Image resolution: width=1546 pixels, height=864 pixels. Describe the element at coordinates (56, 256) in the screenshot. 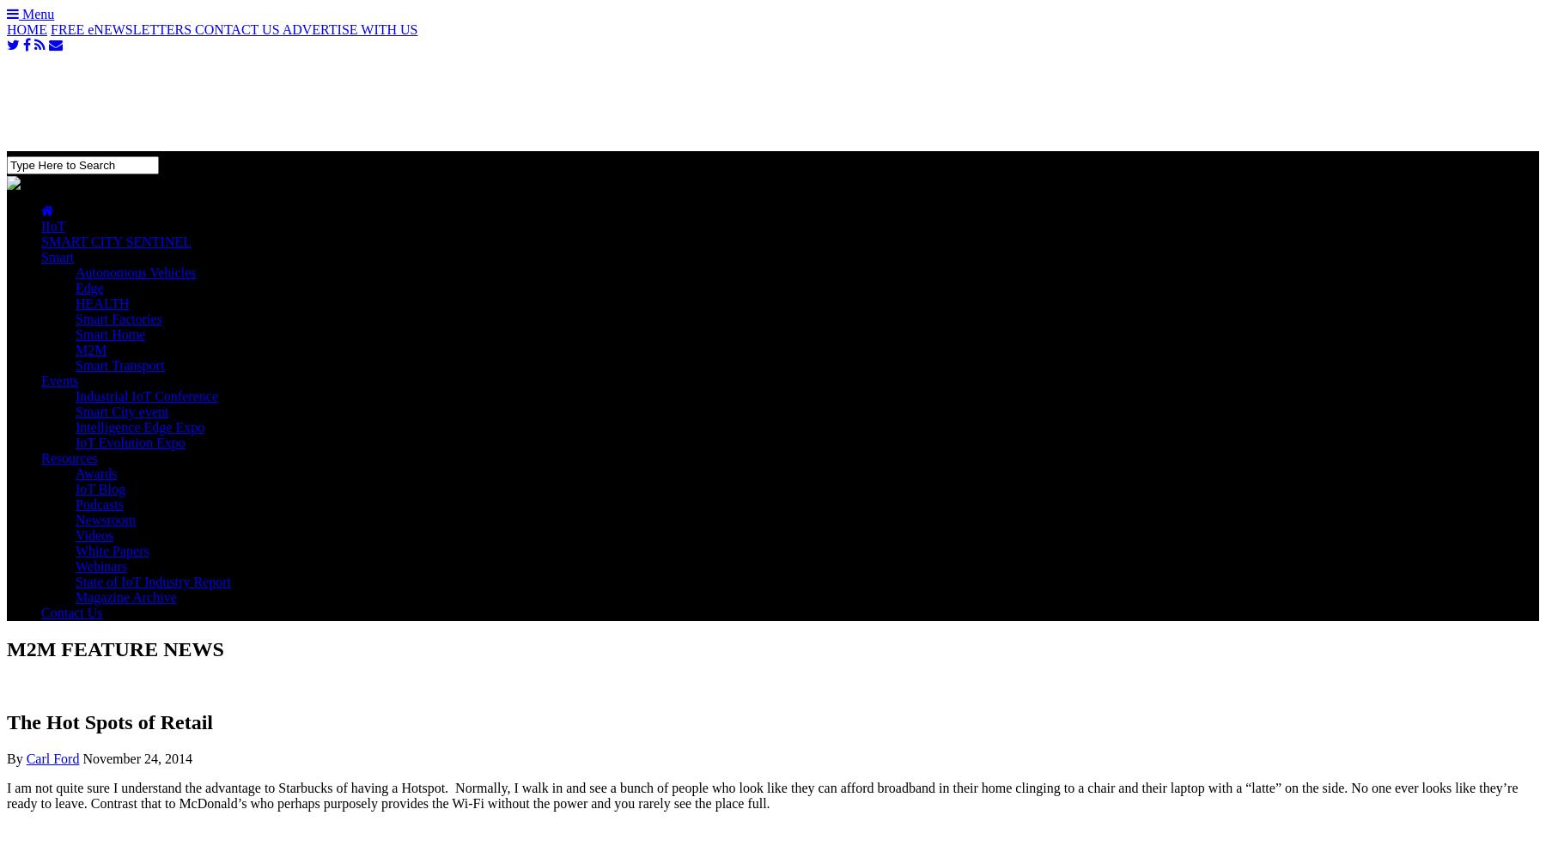

I see `'Smart'` at that location.